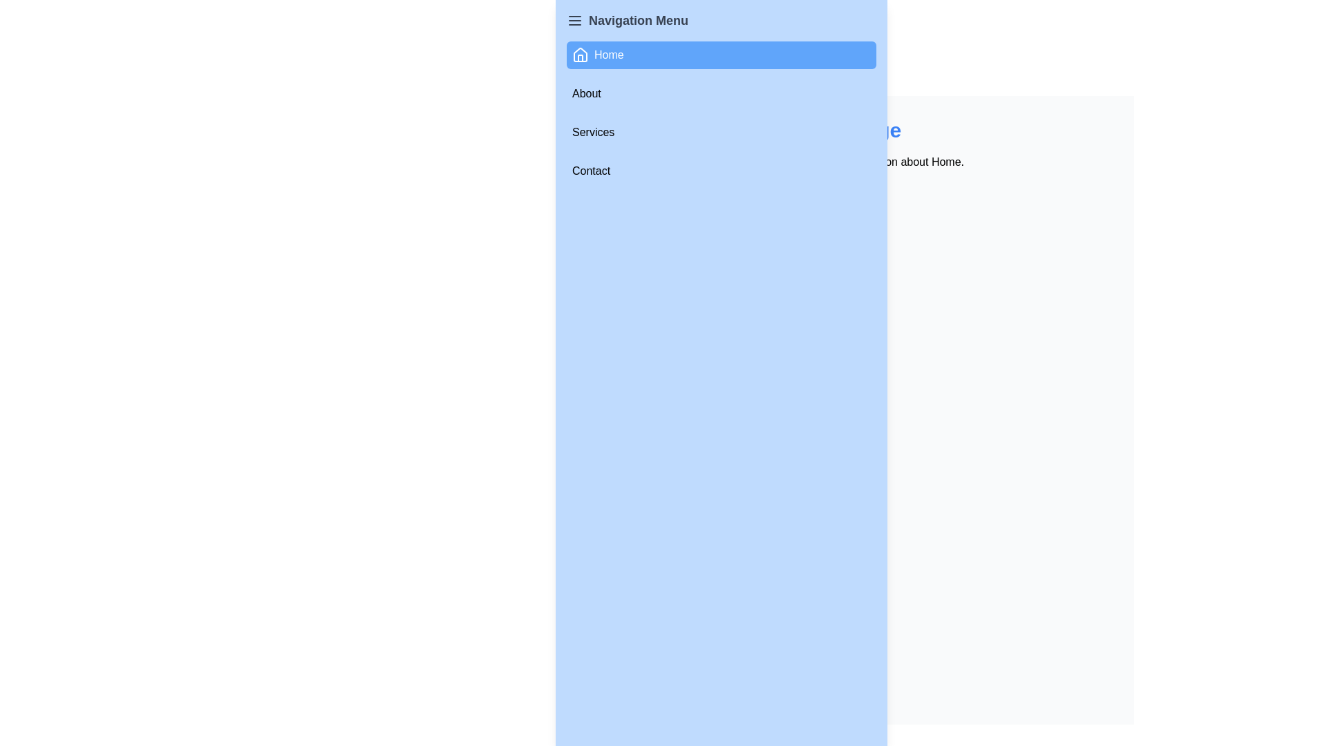  Describe the element at coordinates (581, 55) in the screenshot. I see `the house-shaped icon outlined in vector graphics, positioned within the top-left side navigation panel, adjacent to the 'Home' text` at that location.